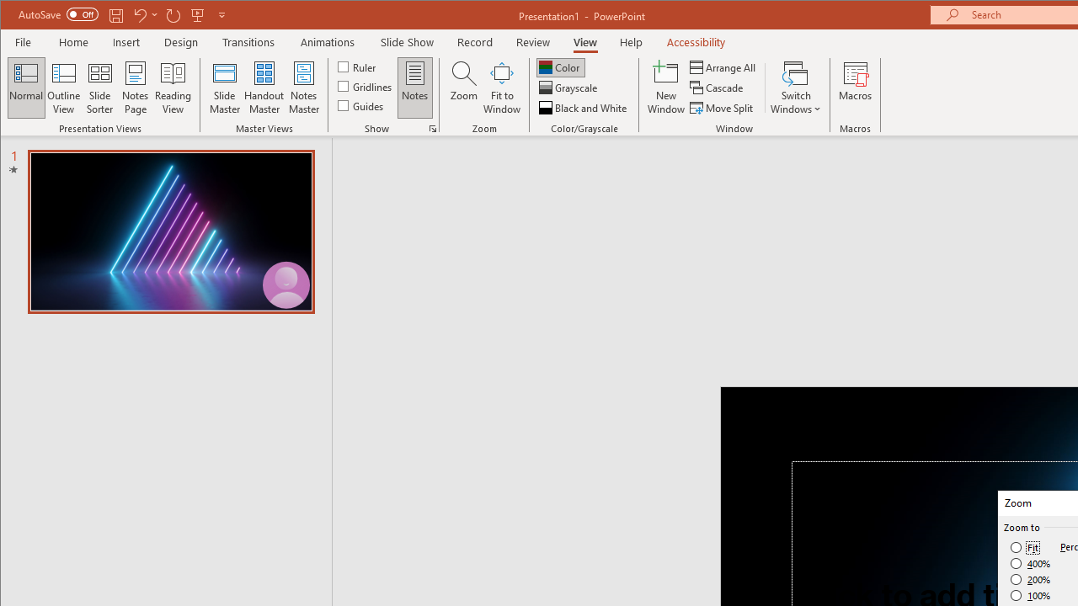 Image resolution: width=1078 pixels, height=606 pixels. What do you see at coordinates (303, 88) in the screenshot?
I see `'Notes Master'` at bounding box center [303, 88].